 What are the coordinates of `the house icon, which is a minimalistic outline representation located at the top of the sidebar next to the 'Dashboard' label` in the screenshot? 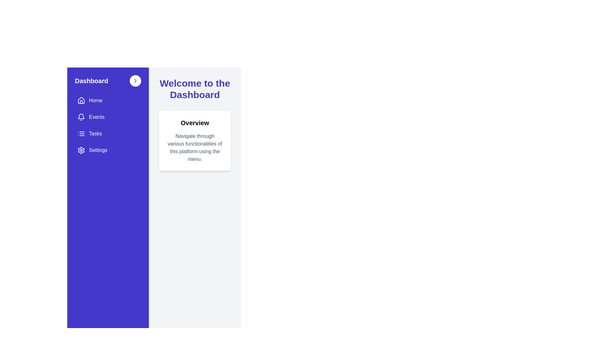 It's located at (81, 100).